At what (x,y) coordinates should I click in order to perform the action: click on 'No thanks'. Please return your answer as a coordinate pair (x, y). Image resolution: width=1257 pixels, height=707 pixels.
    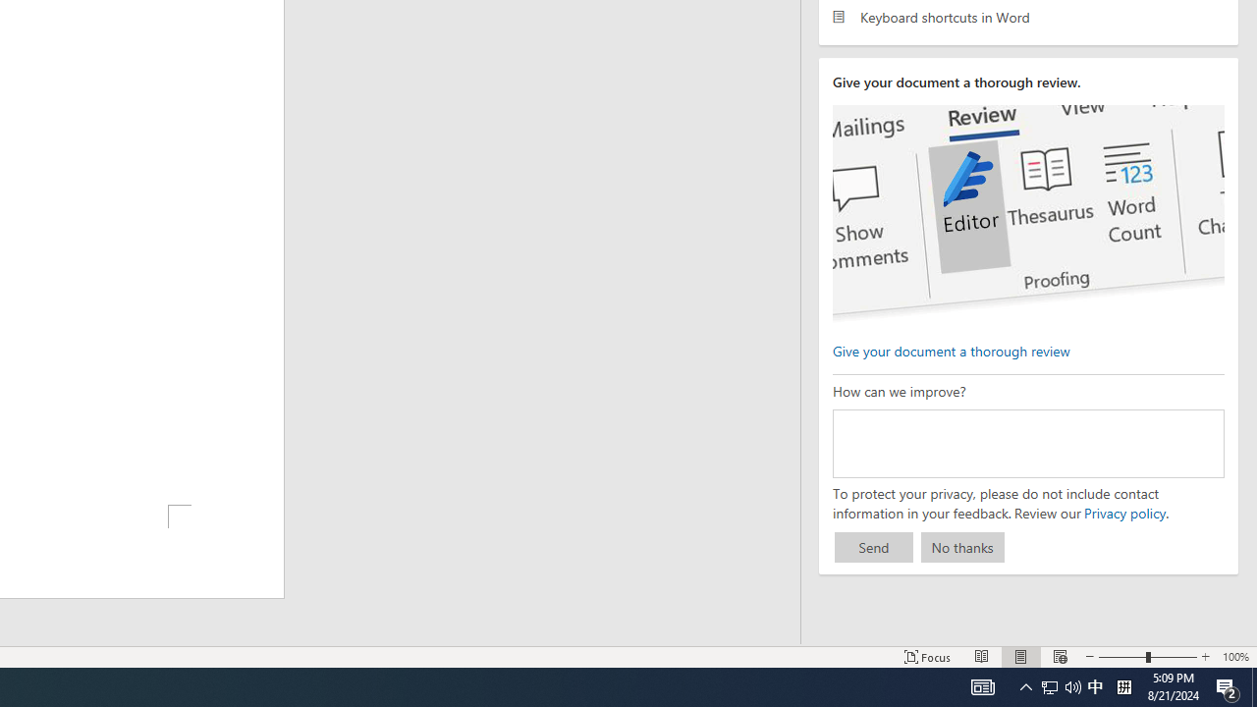
    Looking at the image, I should click on (962, 547).